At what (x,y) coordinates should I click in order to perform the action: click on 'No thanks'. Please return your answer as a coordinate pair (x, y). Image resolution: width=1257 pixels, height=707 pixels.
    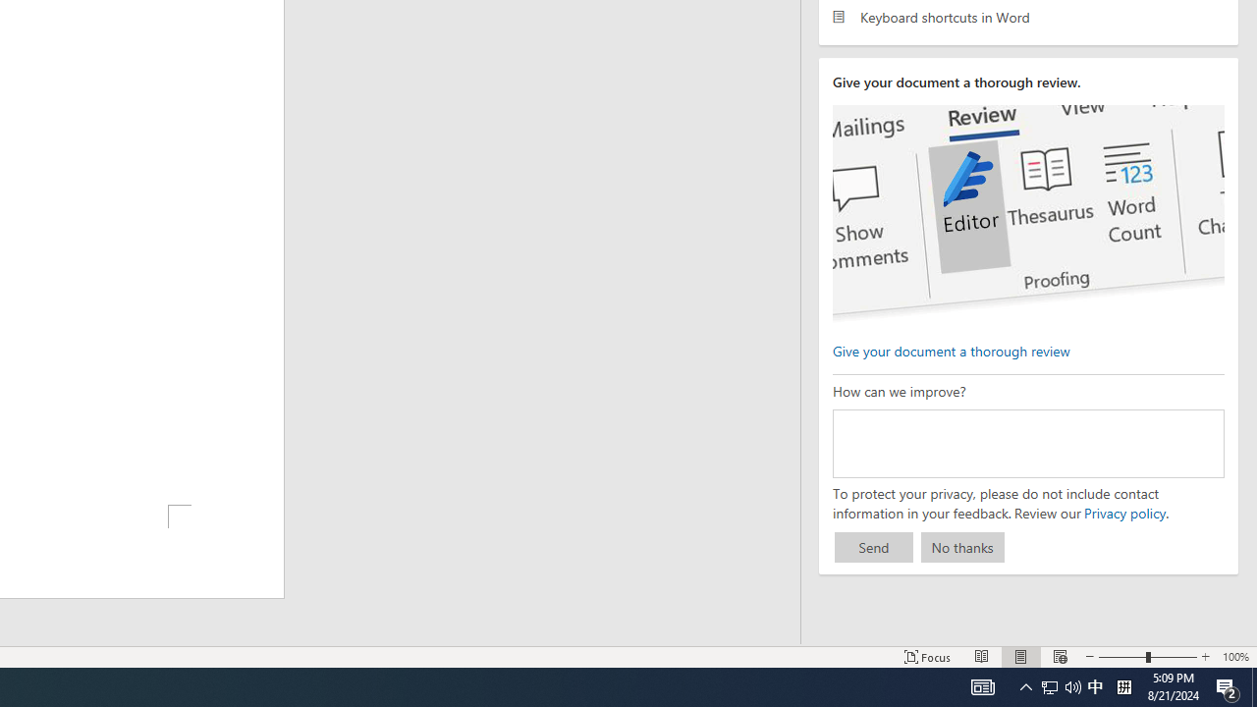
    Looking at the image, I should click on (962, 547).